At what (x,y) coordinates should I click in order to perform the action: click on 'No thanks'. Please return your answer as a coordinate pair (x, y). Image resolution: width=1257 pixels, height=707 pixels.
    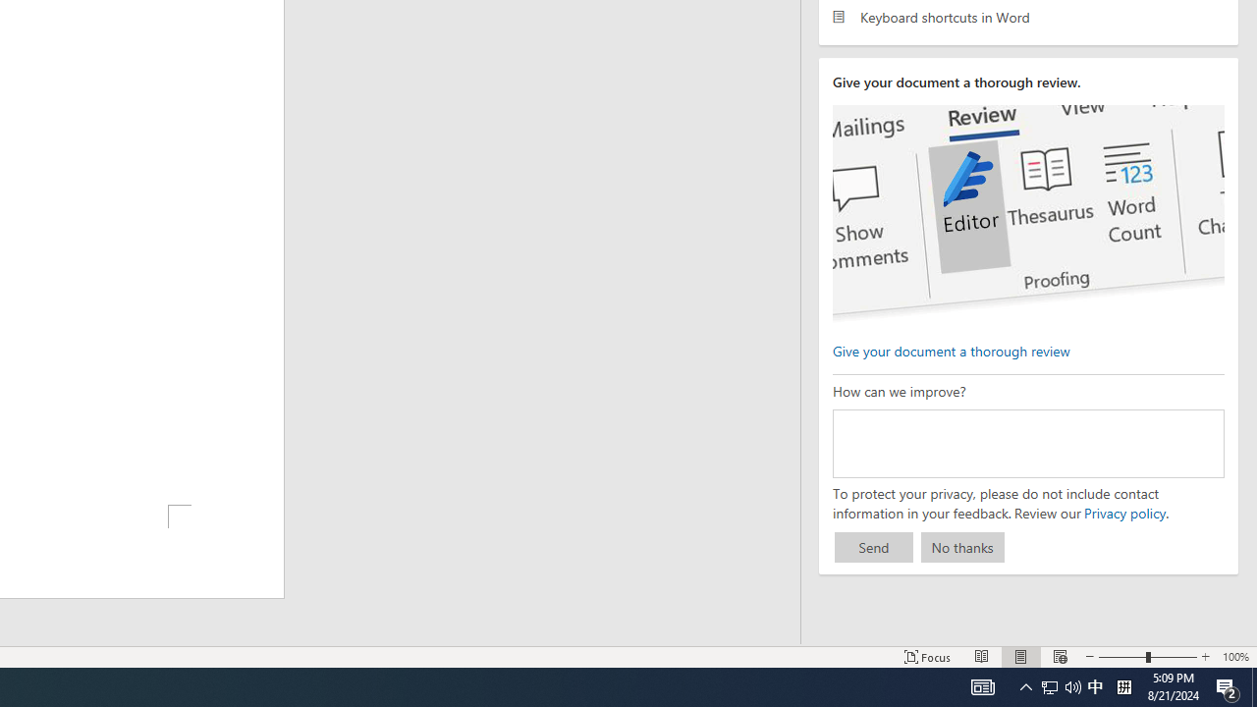
    Looking at the image, I should click on (962, 547).